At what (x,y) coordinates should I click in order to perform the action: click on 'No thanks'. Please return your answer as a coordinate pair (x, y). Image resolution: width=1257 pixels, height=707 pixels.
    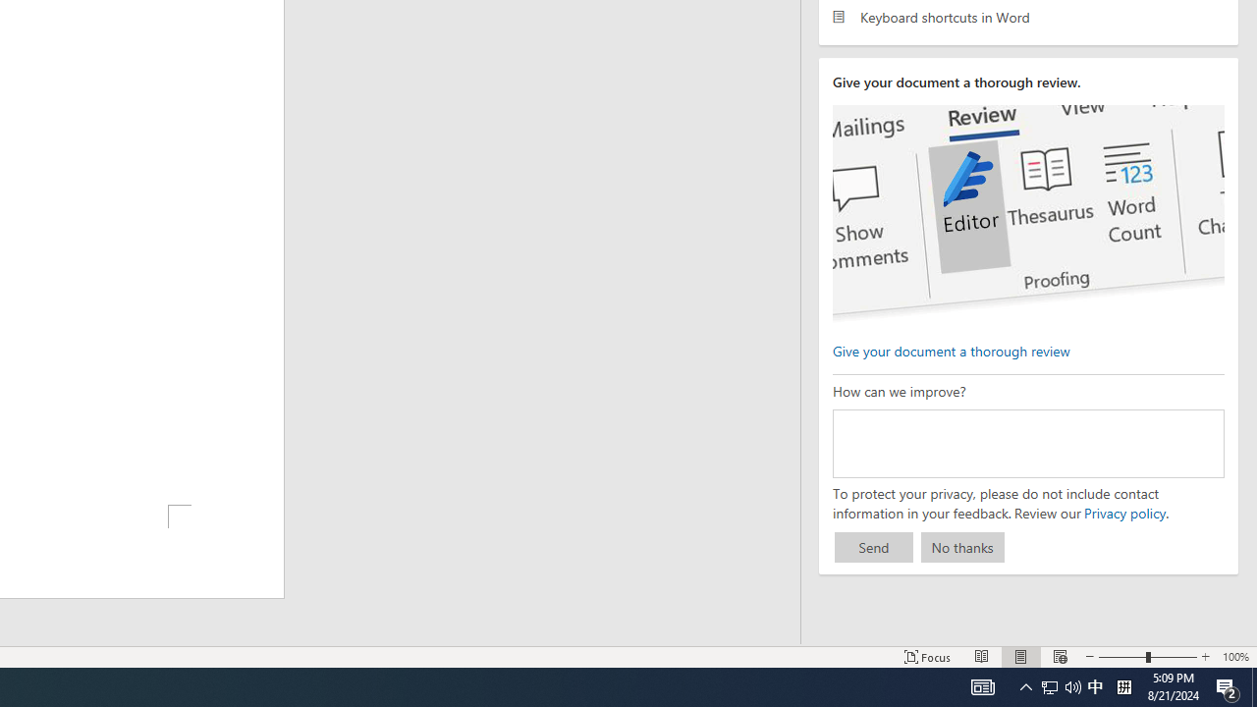
    Looking at the image, I should click on (962, 547).